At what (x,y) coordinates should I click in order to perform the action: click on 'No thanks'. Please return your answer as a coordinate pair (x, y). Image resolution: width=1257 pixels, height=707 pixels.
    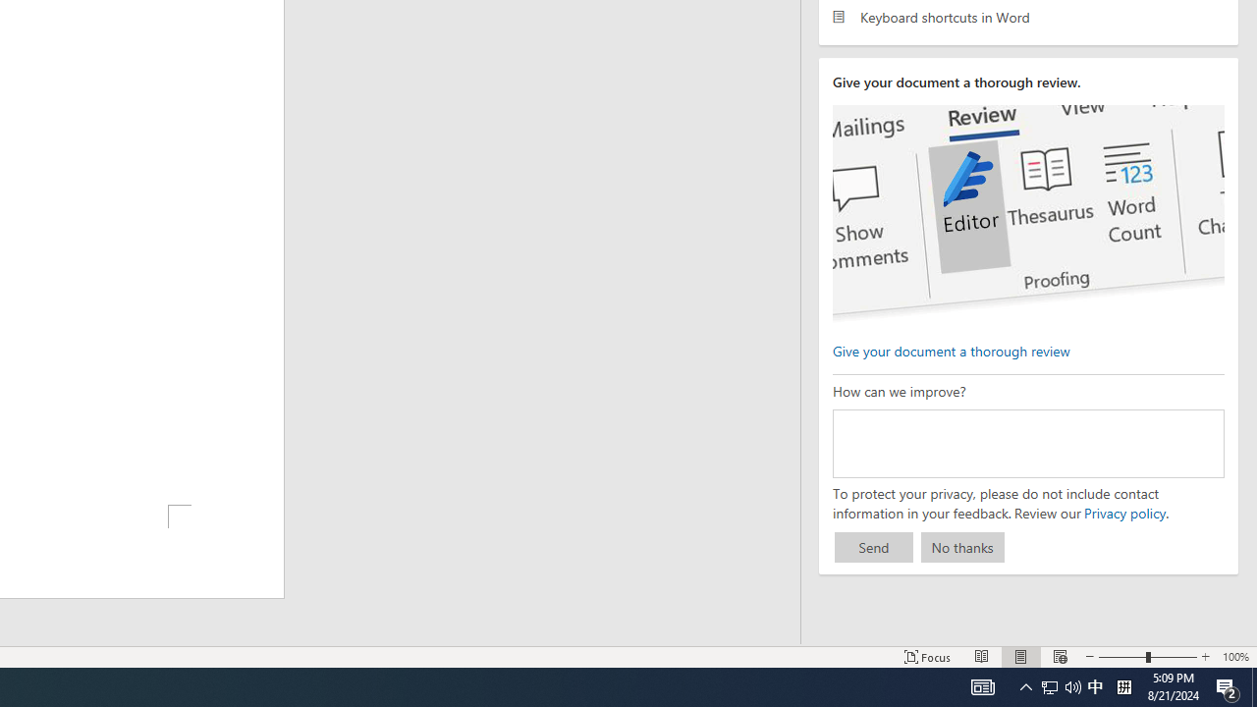
    Looking at the image, I should click on (962, 547).